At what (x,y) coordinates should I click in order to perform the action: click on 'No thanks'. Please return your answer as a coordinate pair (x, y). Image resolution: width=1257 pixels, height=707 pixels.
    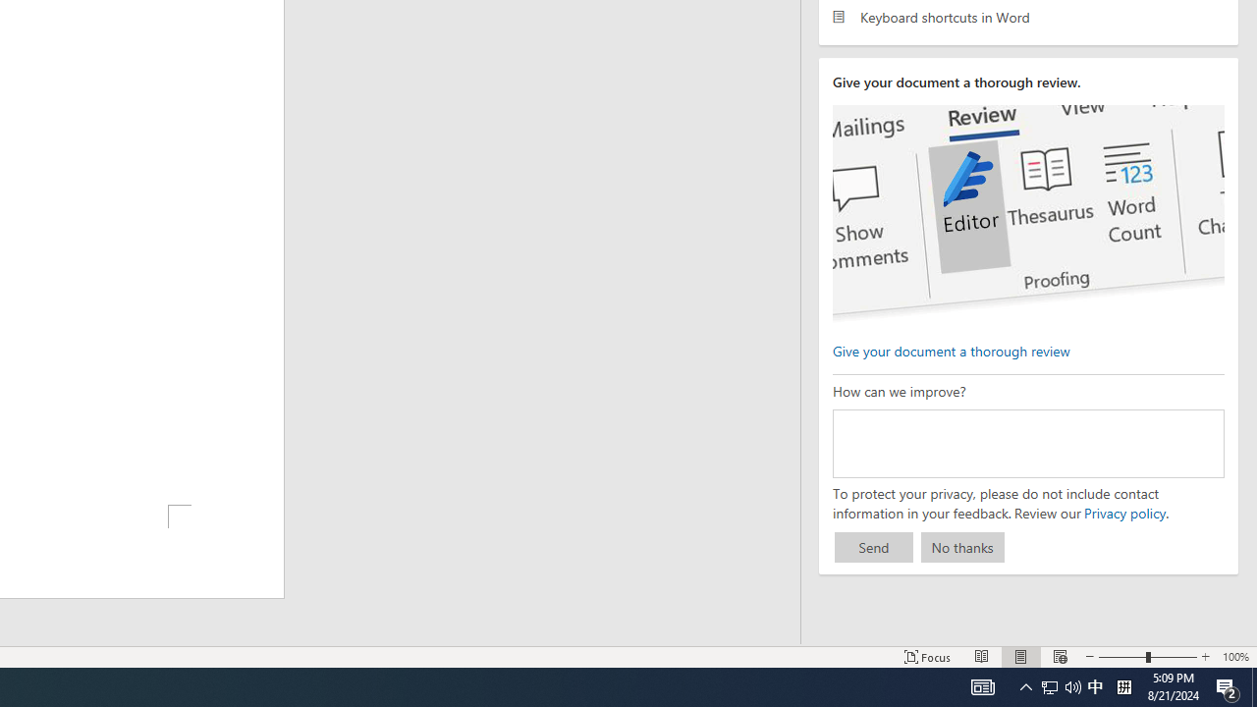
    Looking at the image, I should click on (962, 547).